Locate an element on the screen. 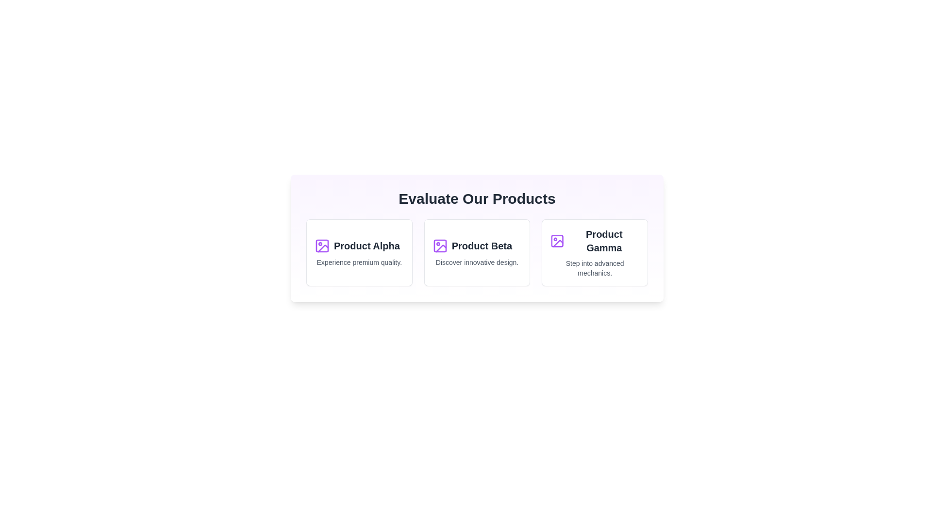  displayed text of the text label element titled 'Product Gamma', which is the last in a row of product presentations and styled prominently is located at coordinates (603, 241).